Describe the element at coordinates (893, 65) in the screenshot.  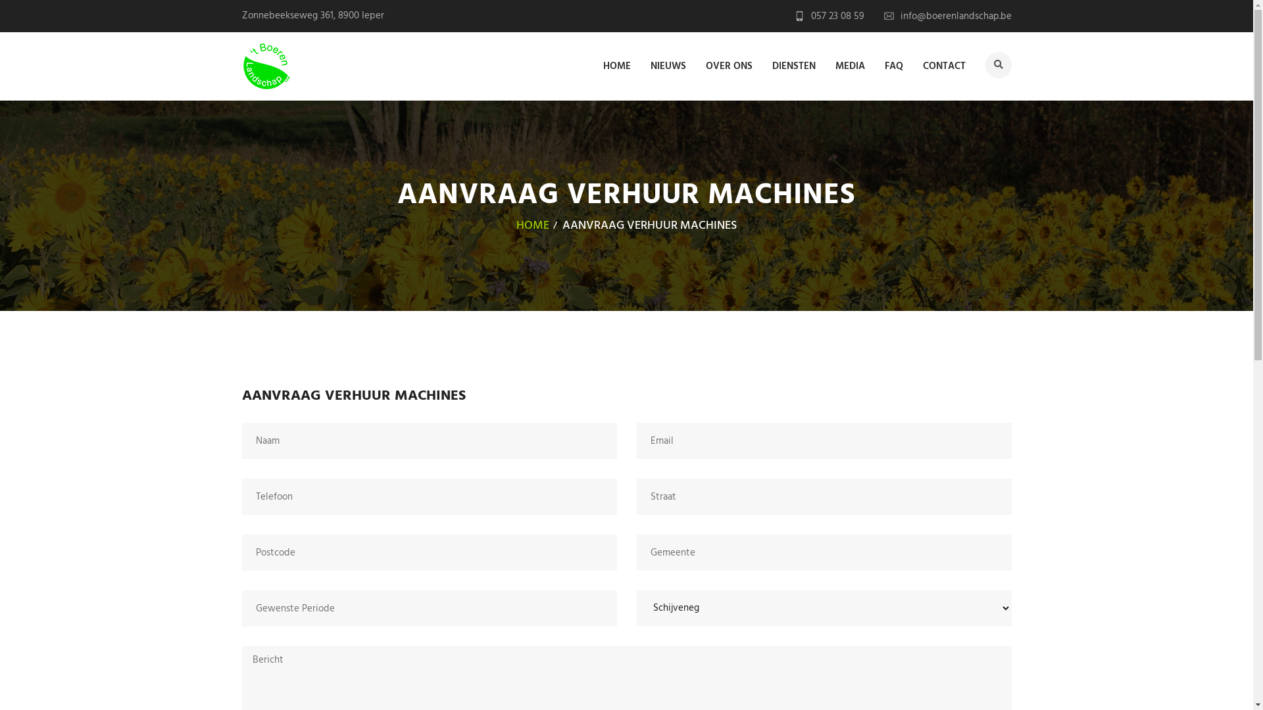
I see `'FAQ'` at that location.